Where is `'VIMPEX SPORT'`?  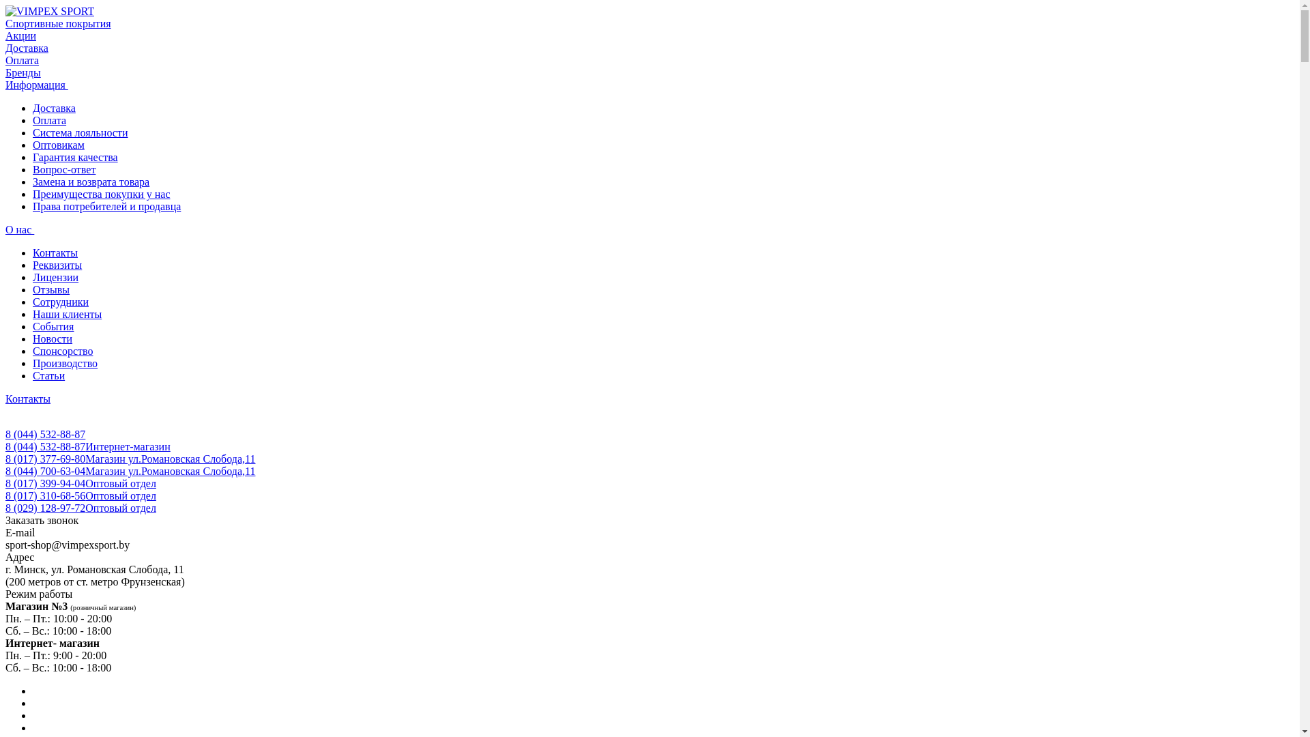
'VIMPEX SPORT' is located at coordinates (49, 11).